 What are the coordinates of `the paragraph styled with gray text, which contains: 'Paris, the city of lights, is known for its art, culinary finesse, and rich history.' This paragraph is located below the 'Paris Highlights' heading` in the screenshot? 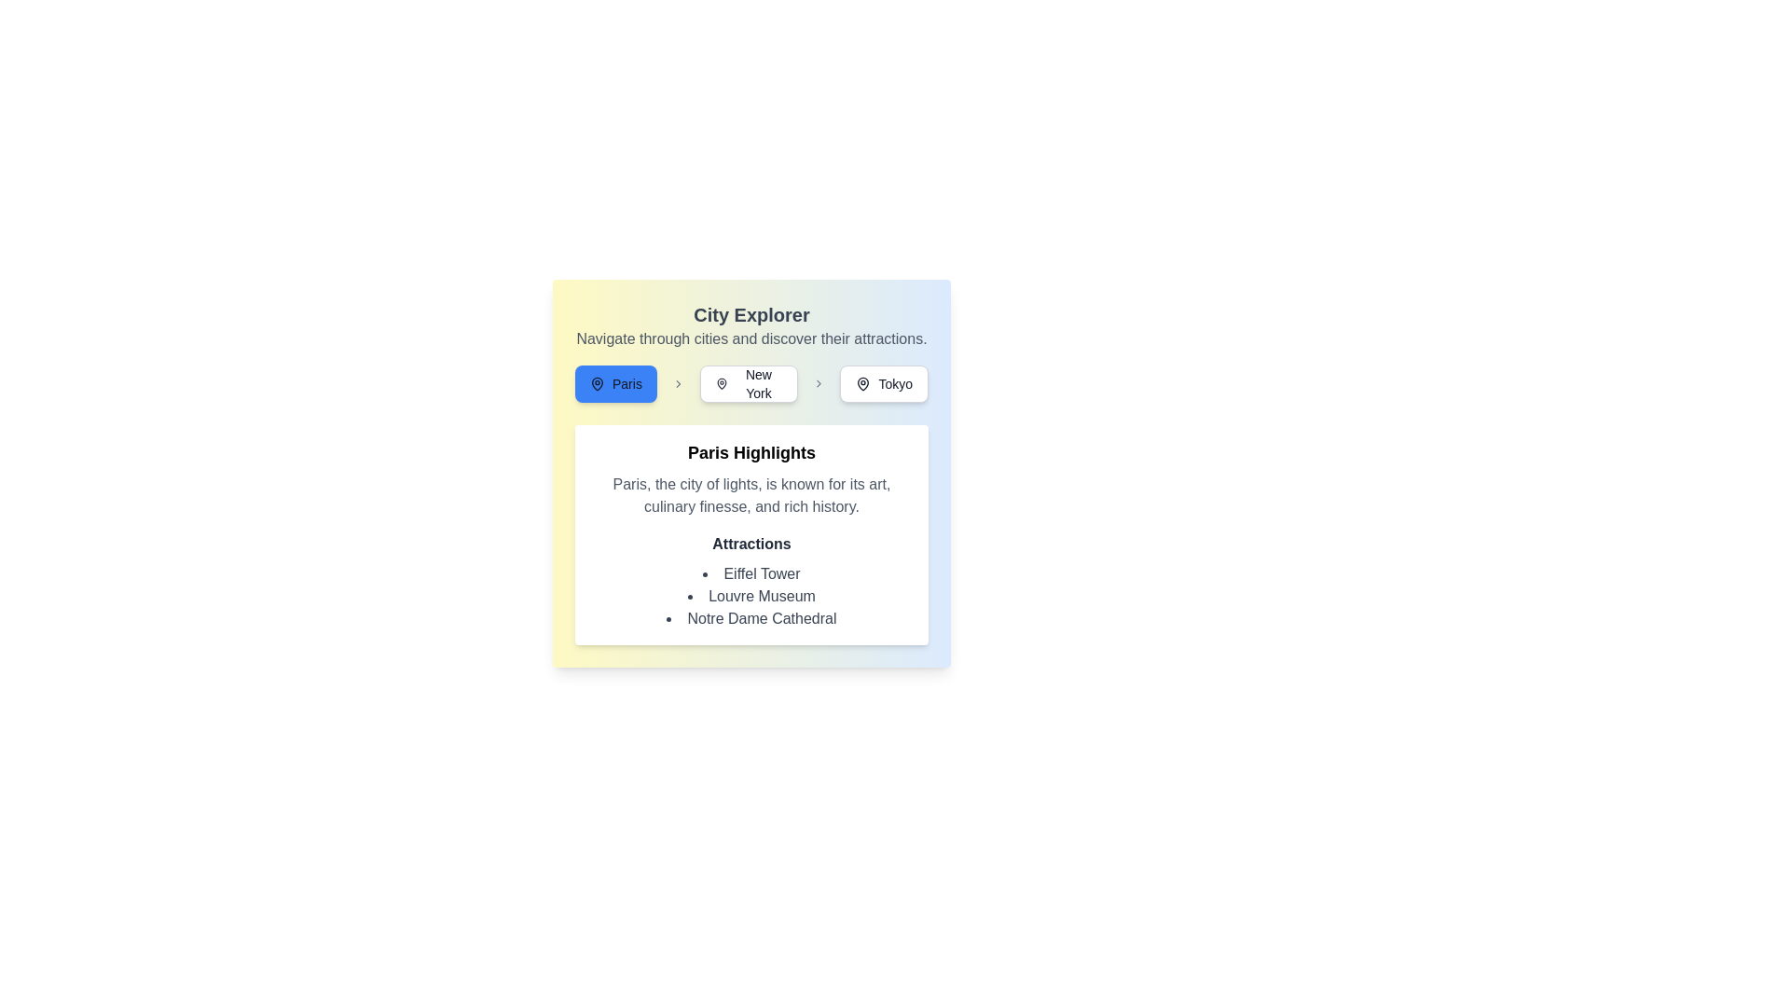 It's located at (751, 495).